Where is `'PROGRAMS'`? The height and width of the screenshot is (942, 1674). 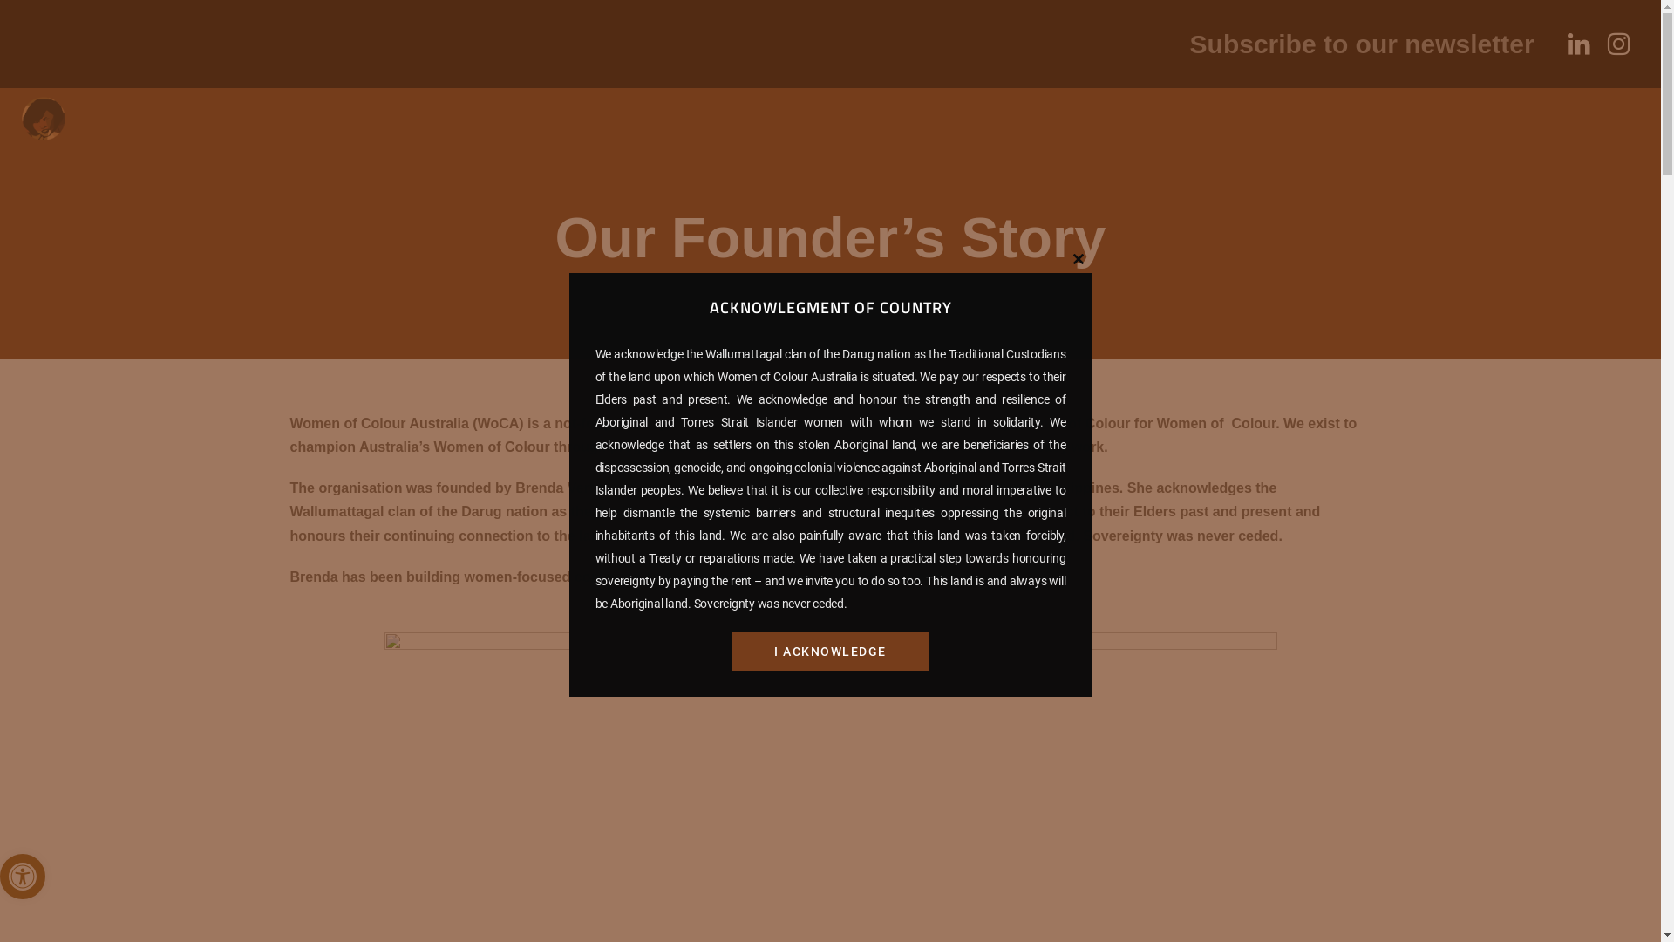
'PROGRAMS' is located at coordinates (296, 129).